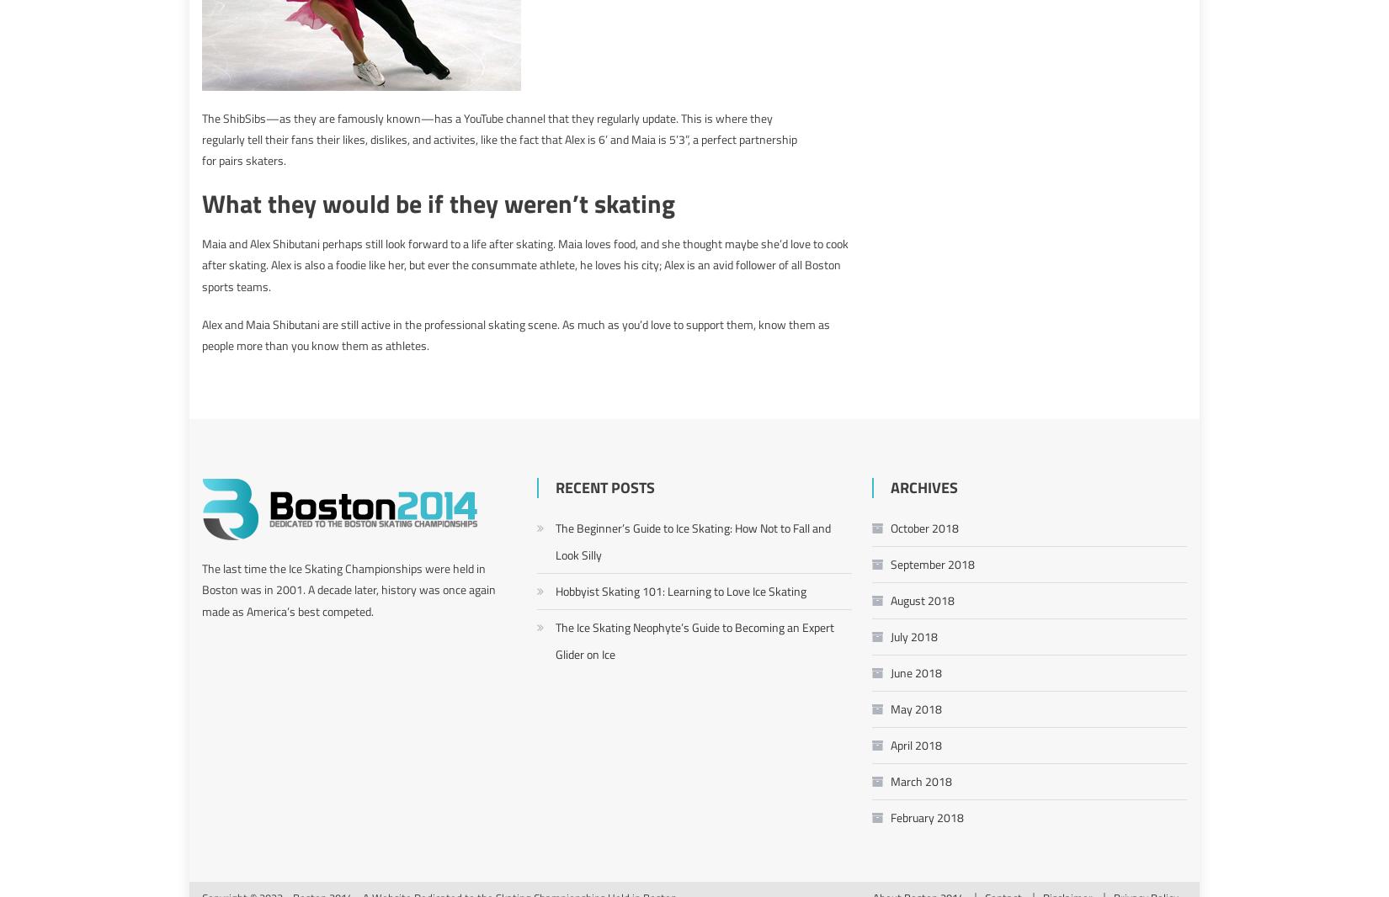 Image resolution: width=1389 pixels, height=897 pixels. I want to click on 'The Beginner’s Guide to Ice Skating: How Not to Fall and Look Silly', so click(692, 539).